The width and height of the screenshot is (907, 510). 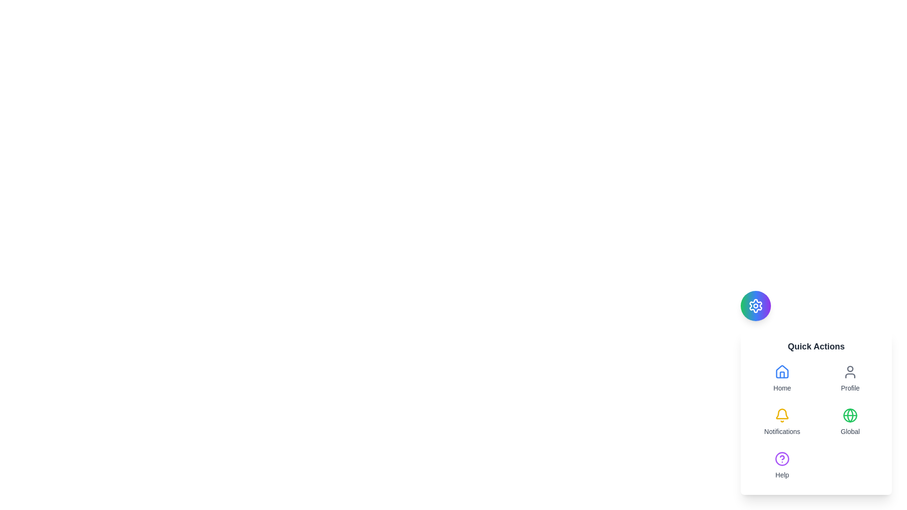 What do you see at coordinates (782, 432) in the screenshot?
I see `the static text label that describes the notification feature, located beneath the yellow bell icon in the lower right corner of the interface` at bounding box center [782, 432].